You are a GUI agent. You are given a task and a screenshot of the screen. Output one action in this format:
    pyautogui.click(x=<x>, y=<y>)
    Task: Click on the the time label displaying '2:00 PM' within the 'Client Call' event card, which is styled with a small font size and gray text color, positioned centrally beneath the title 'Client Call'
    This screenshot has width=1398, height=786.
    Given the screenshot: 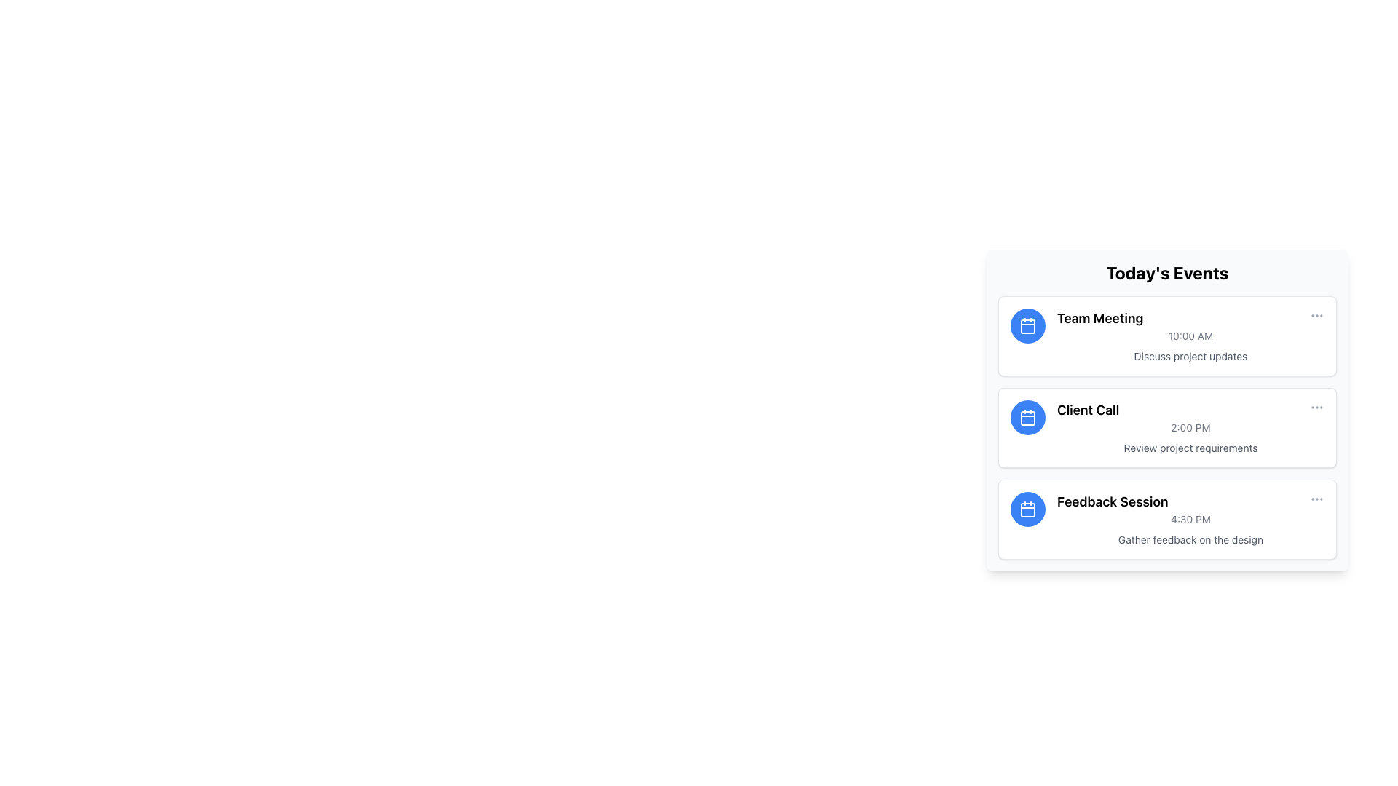 What is the action you would take?
    pyautogui.click(x=1190, y=426)
    